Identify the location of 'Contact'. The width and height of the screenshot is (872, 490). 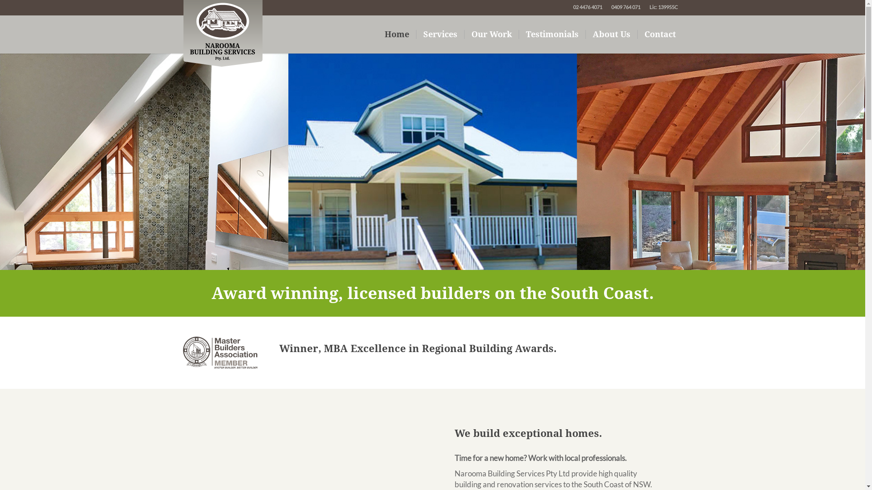
(637, 34).